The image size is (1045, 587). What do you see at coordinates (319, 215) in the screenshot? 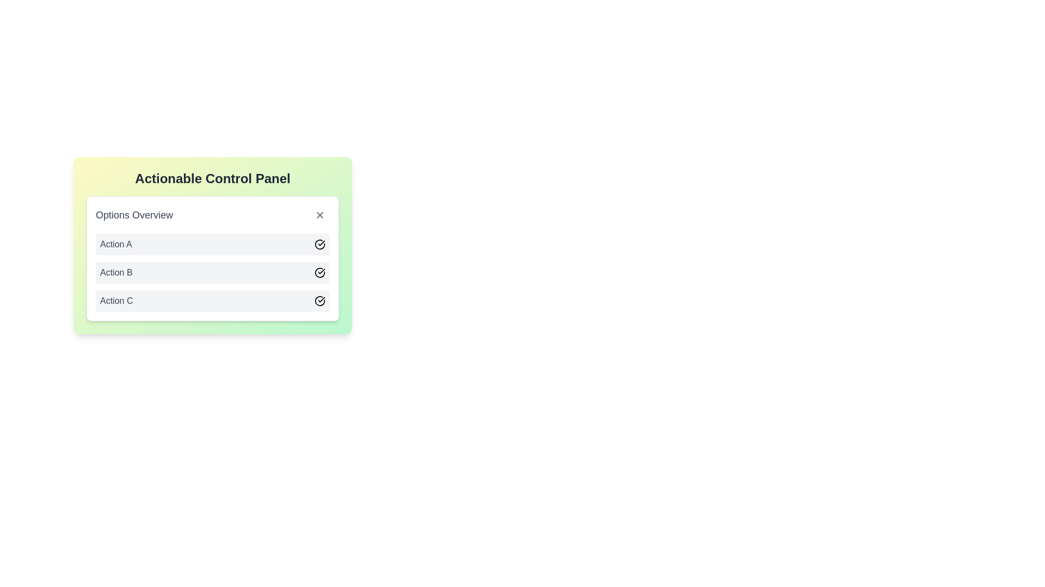
I see `the close icon located in the top-right corner of the 'Options Overview' card` at bounding box center [319, 215].